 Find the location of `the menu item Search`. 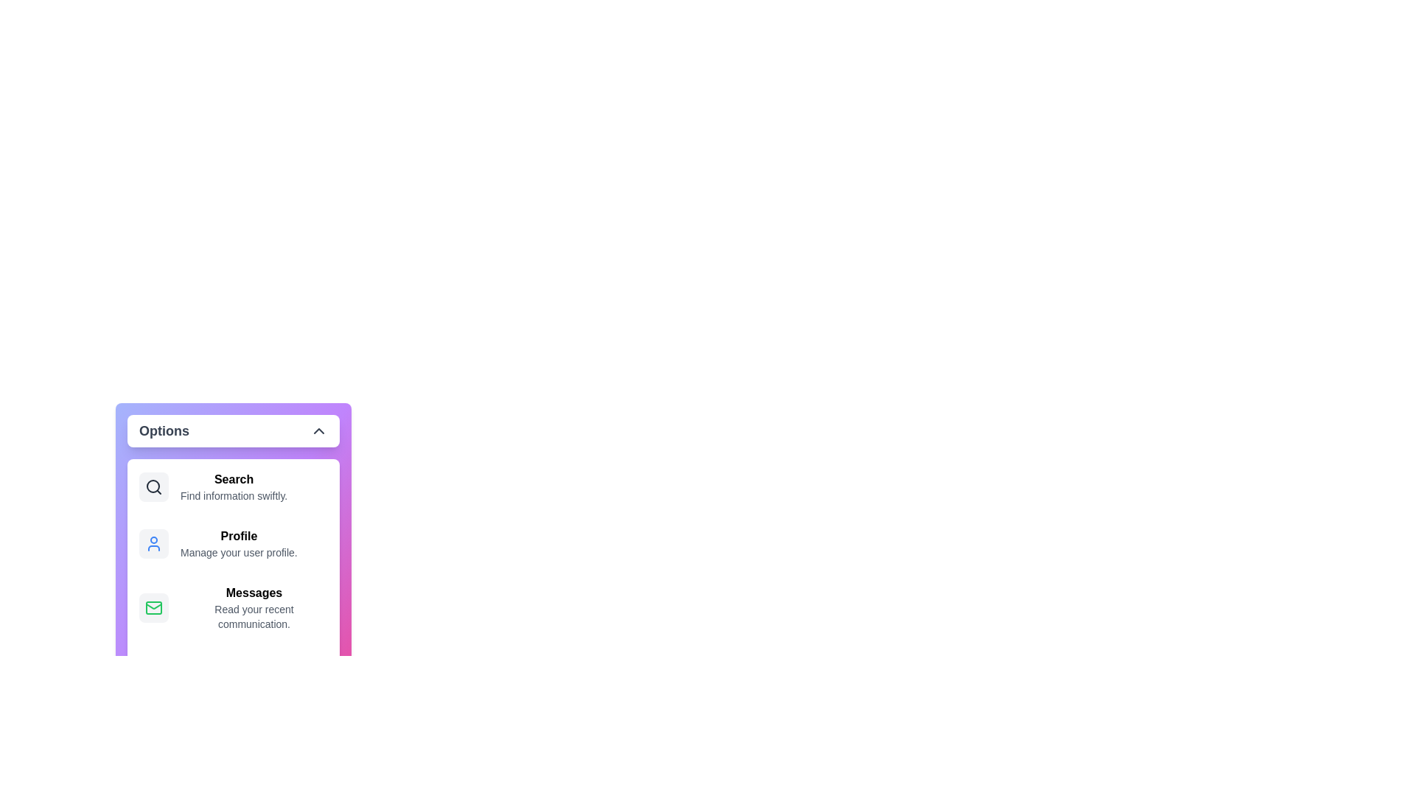

the menu item Search is located at coordinates (232, 486).